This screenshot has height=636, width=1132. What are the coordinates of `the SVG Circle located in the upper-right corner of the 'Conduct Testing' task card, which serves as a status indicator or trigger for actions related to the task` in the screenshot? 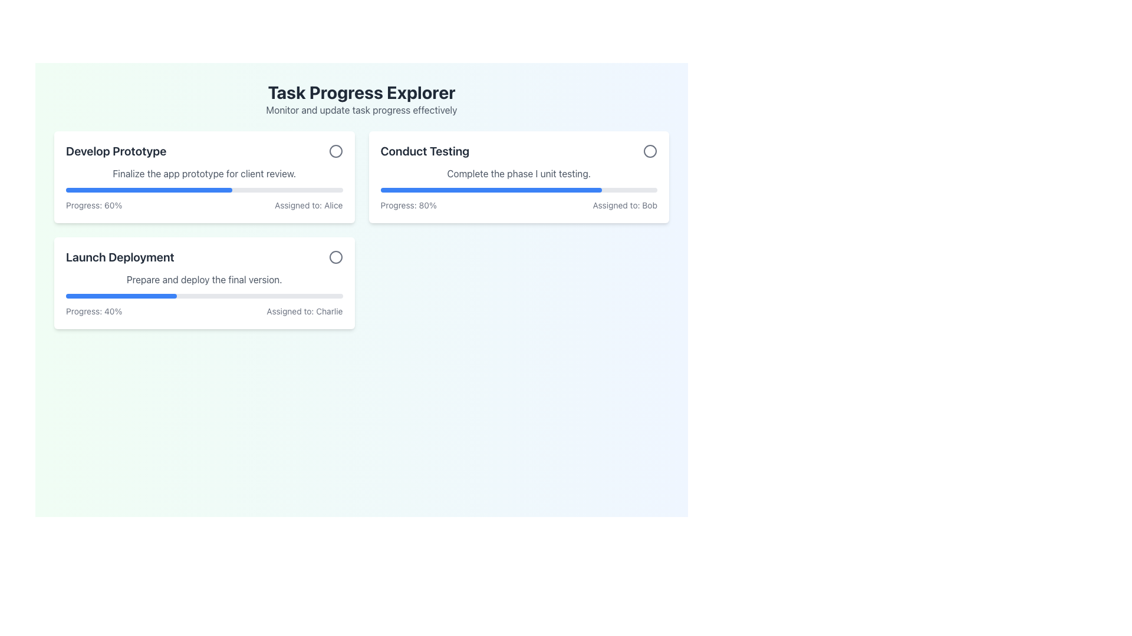 It's located at (650, 151).